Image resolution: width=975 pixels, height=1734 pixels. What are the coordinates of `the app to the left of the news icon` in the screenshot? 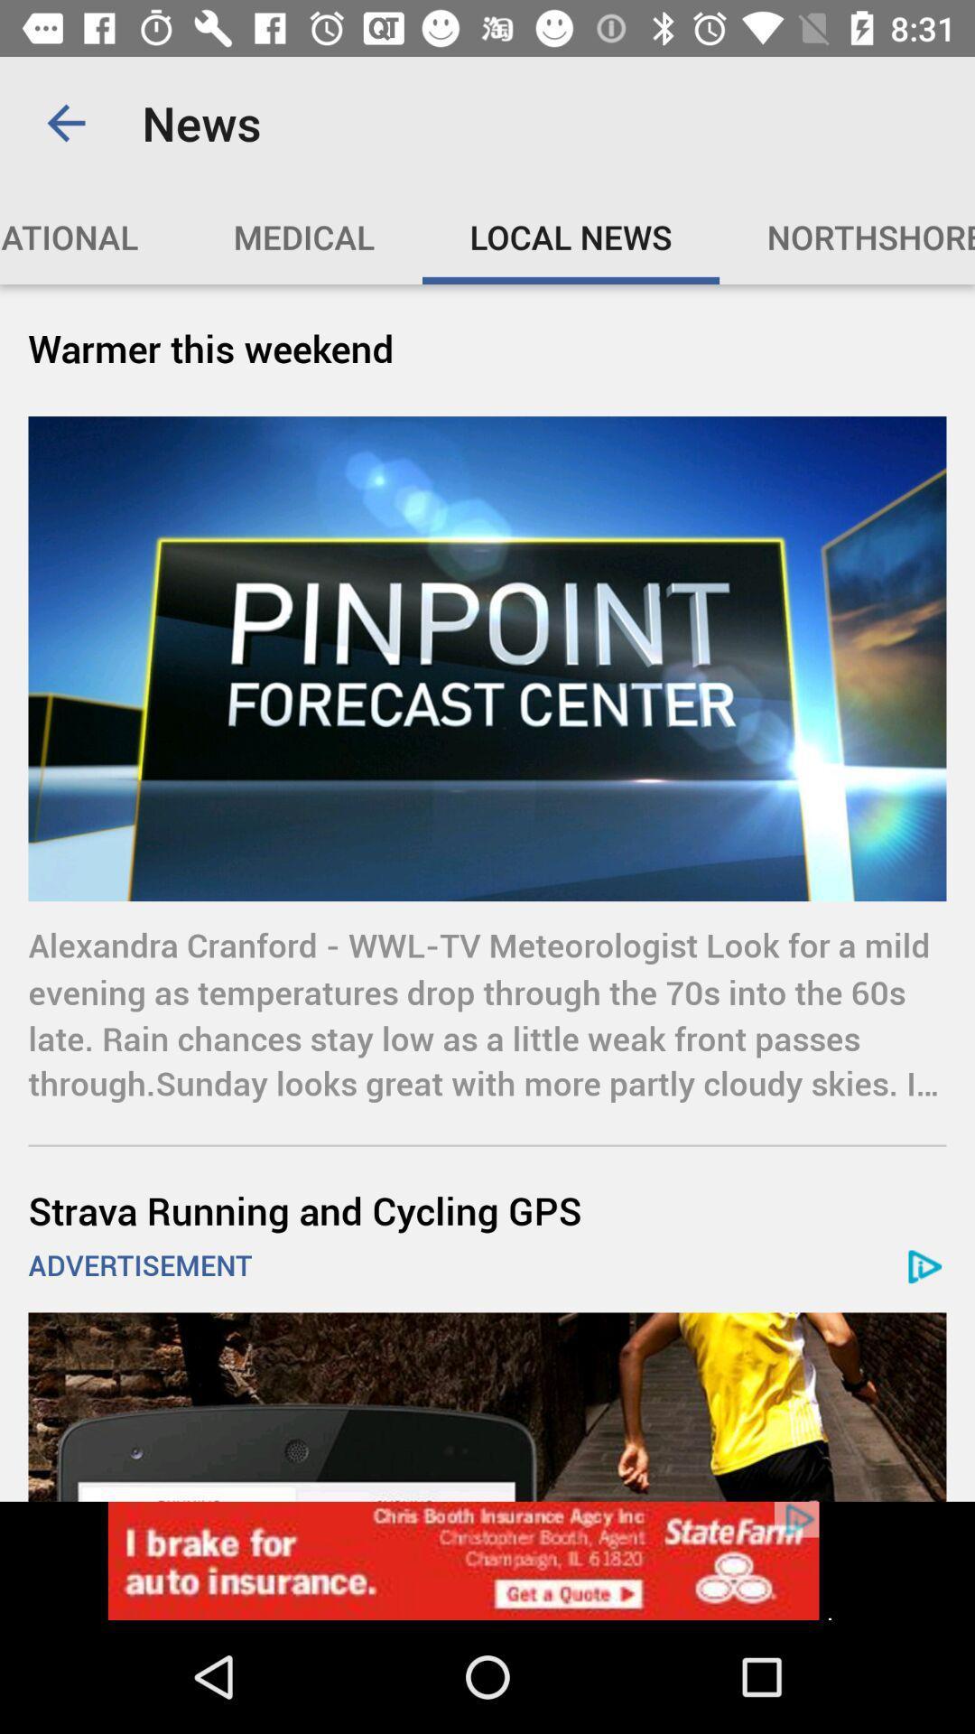 It's located at (65, 122).